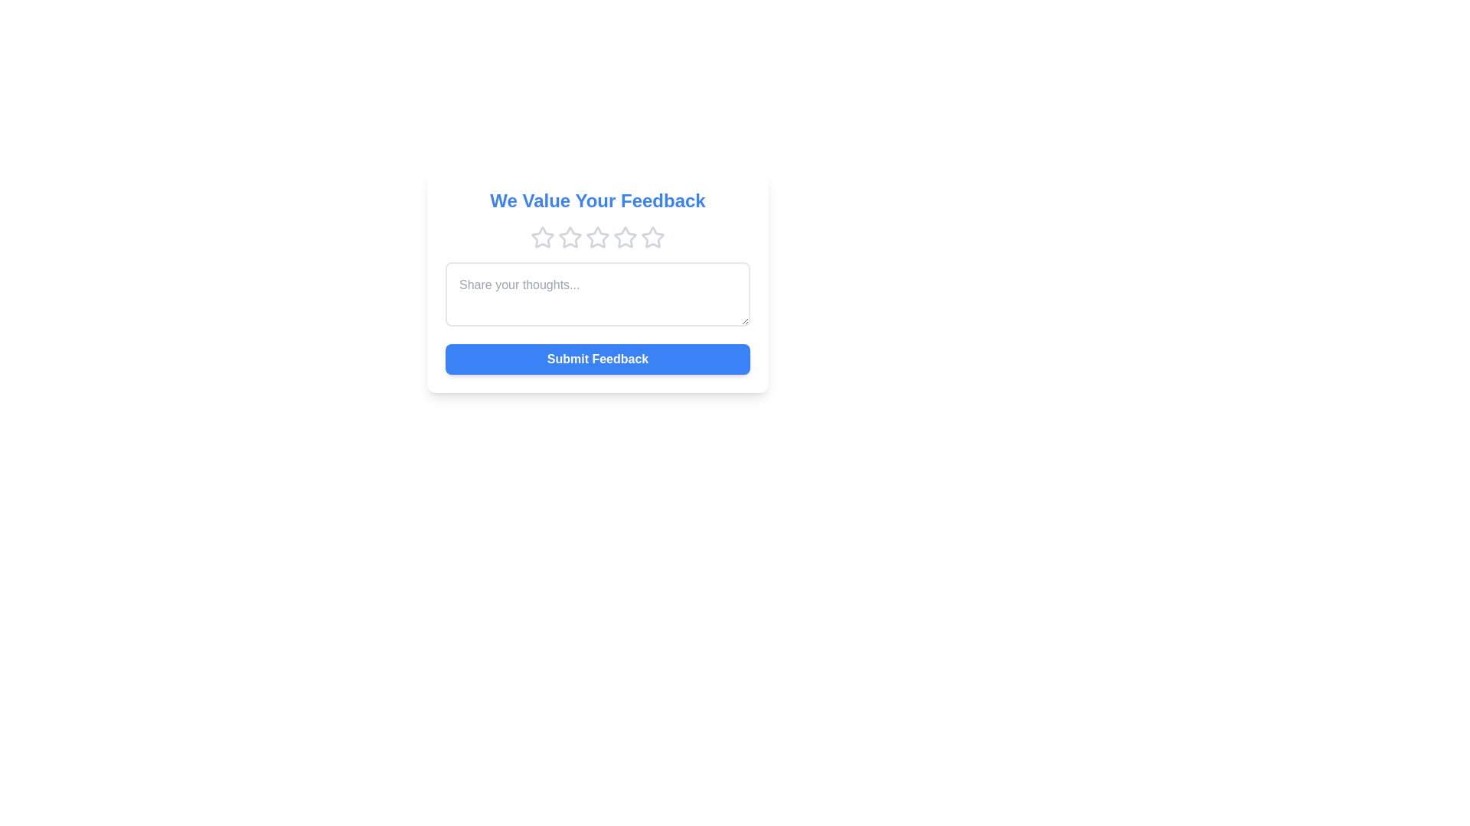 This screenshot has height=826, width=1470. Describe the element at coordinates (543, 238) in the screenshot. I see `the star corresponding to the desired rating 1` at that location.